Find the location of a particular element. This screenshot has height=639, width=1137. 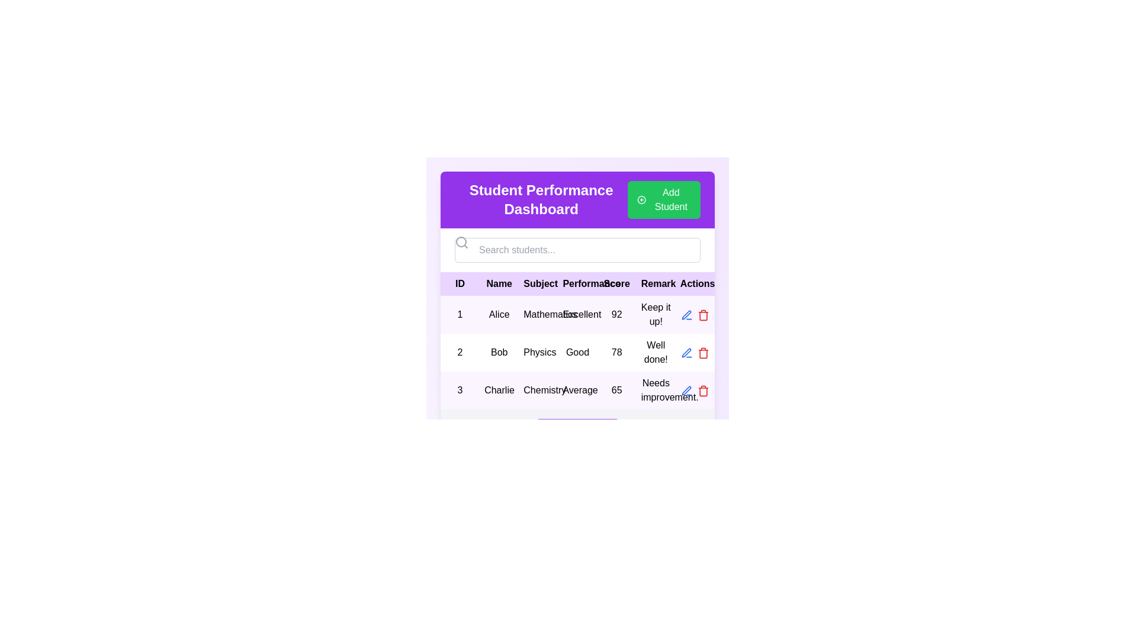

information presented in the second row of the data table, which contains details about the individual named 'Bob', associated with 'Physics', scored '78', and marked as 'Good' is located at coordinates (577, 352).